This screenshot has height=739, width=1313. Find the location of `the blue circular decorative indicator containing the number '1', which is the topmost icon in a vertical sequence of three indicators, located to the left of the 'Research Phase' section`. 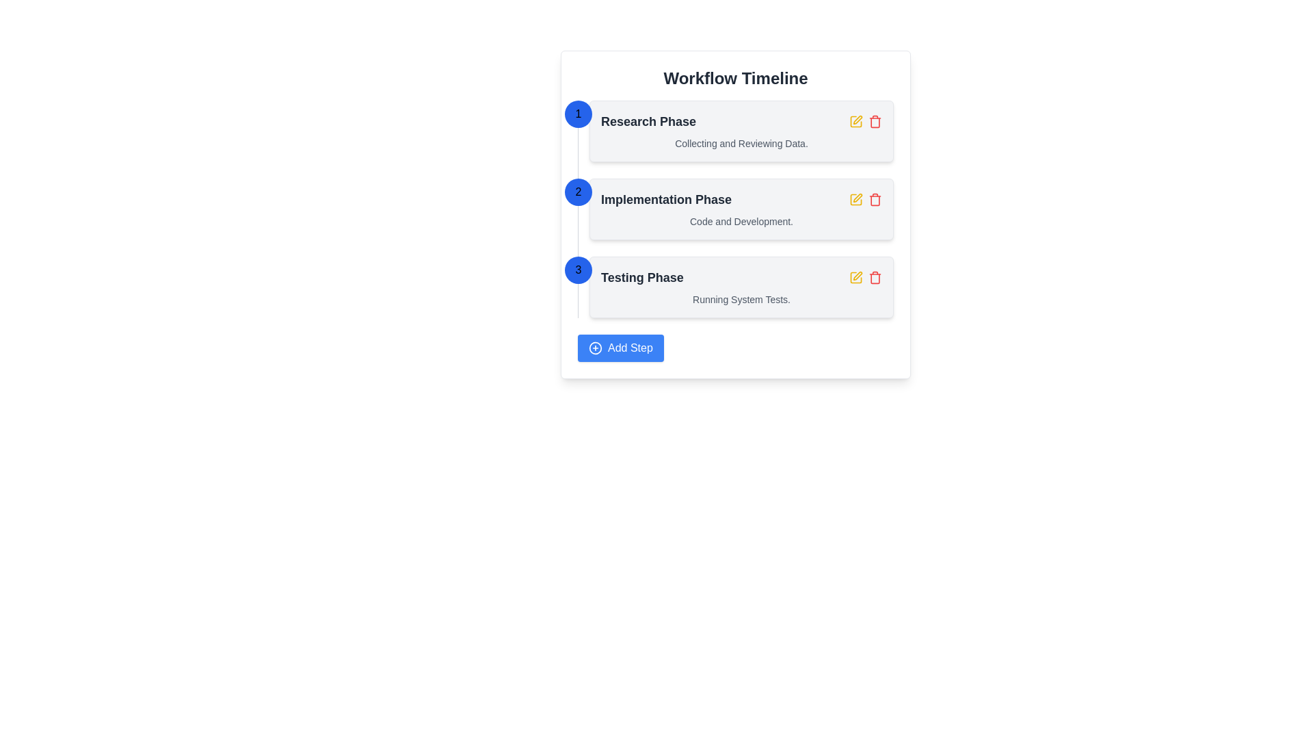

the blue circular decorative indicator containing the number '1', which is the topmost icon in a vertical sequence of three indicators, located to the left of the 'Research Phase' section is located at coordinates (578, 113).